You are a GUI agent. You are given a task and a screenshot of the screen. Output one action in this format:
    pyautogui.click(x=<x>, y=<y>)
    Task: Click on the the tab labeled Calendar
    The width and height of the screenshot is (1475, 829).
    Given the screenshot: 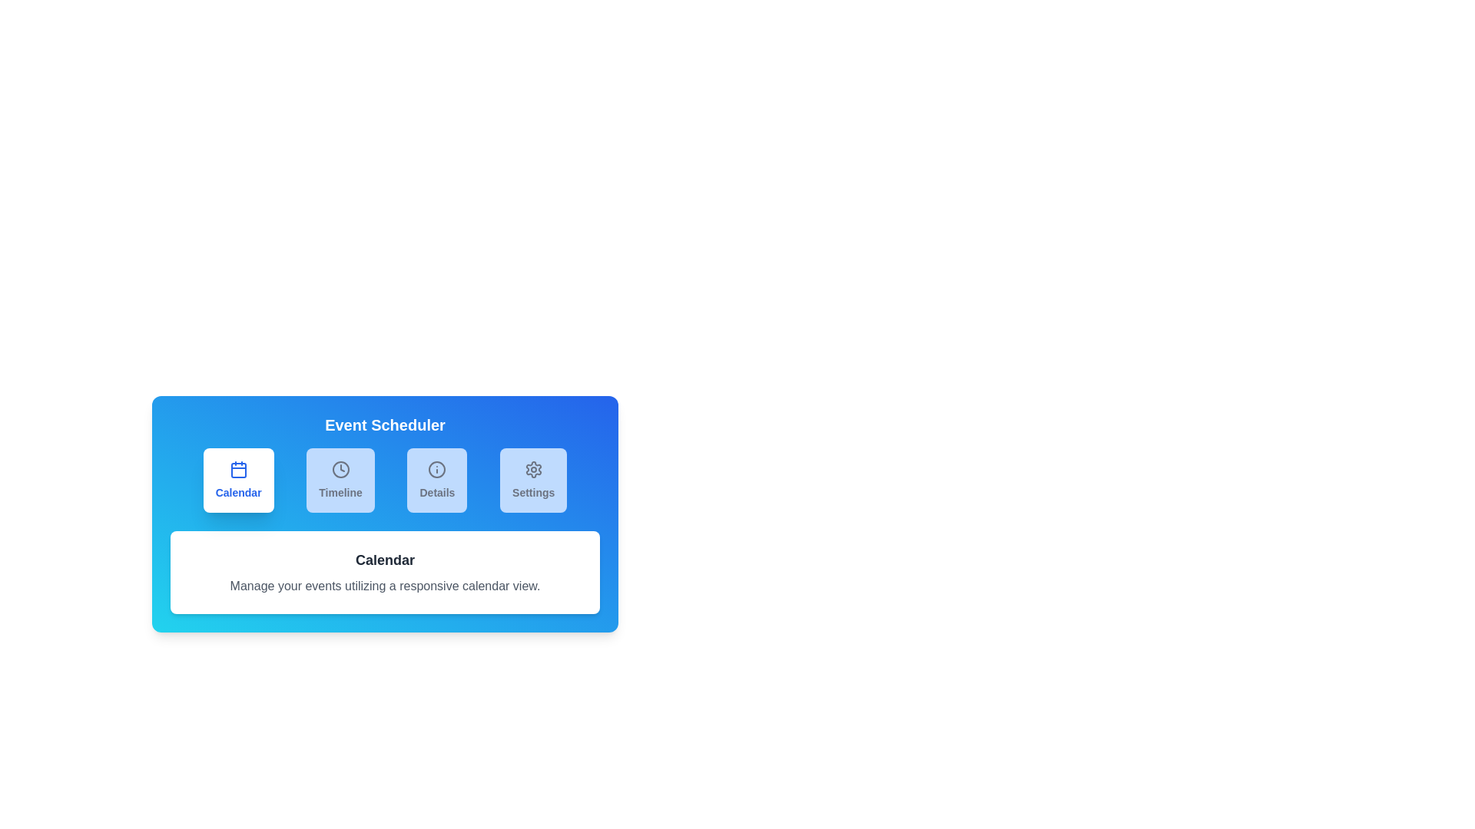 What is the action you would take?
    pyautogui.click(x=237, y=479)
    